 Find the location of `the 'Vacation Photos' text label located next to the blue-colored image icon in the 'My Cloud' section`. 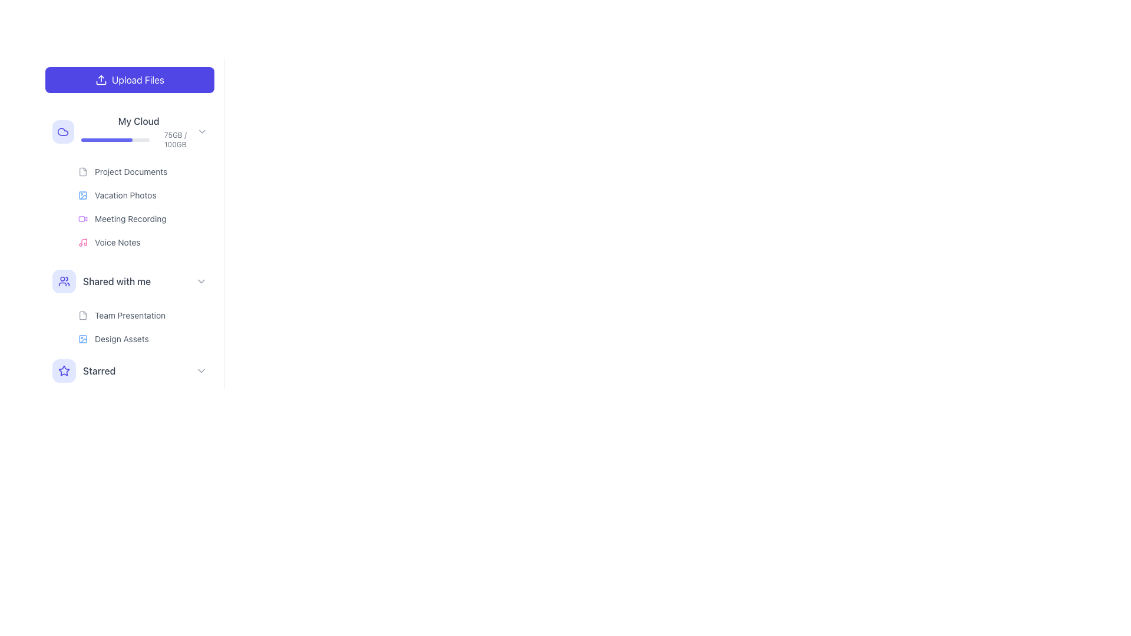

the 'Vacation Photos' text label located next to the blue-colored image icon in the 'My Cloud' section is located at coordinates (117, 194).